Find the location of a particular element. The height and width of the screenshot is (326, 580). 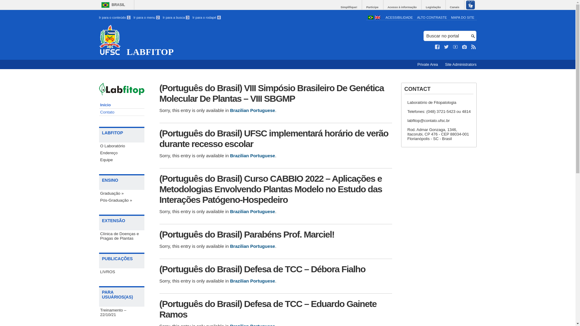

'Simplifique!' is located at coordinates (349, 7).